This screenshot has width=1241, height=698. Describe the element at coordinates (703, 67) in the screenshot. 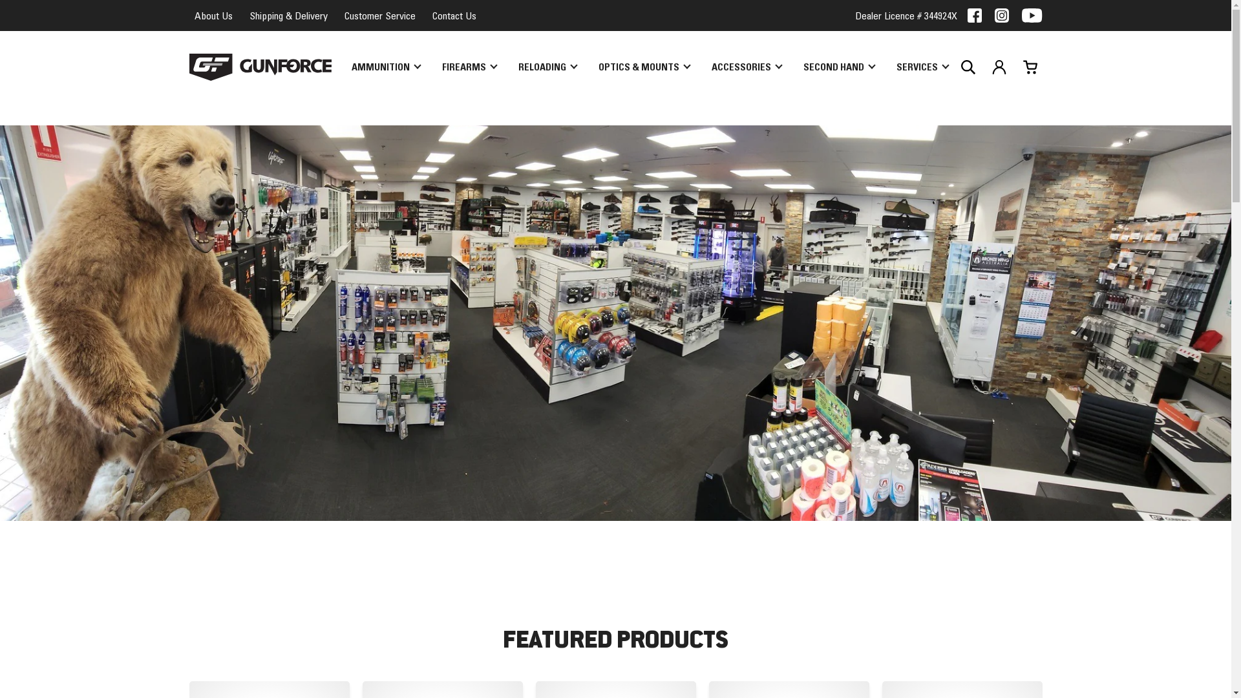

I see `'ACCESSORIES'` at that location.